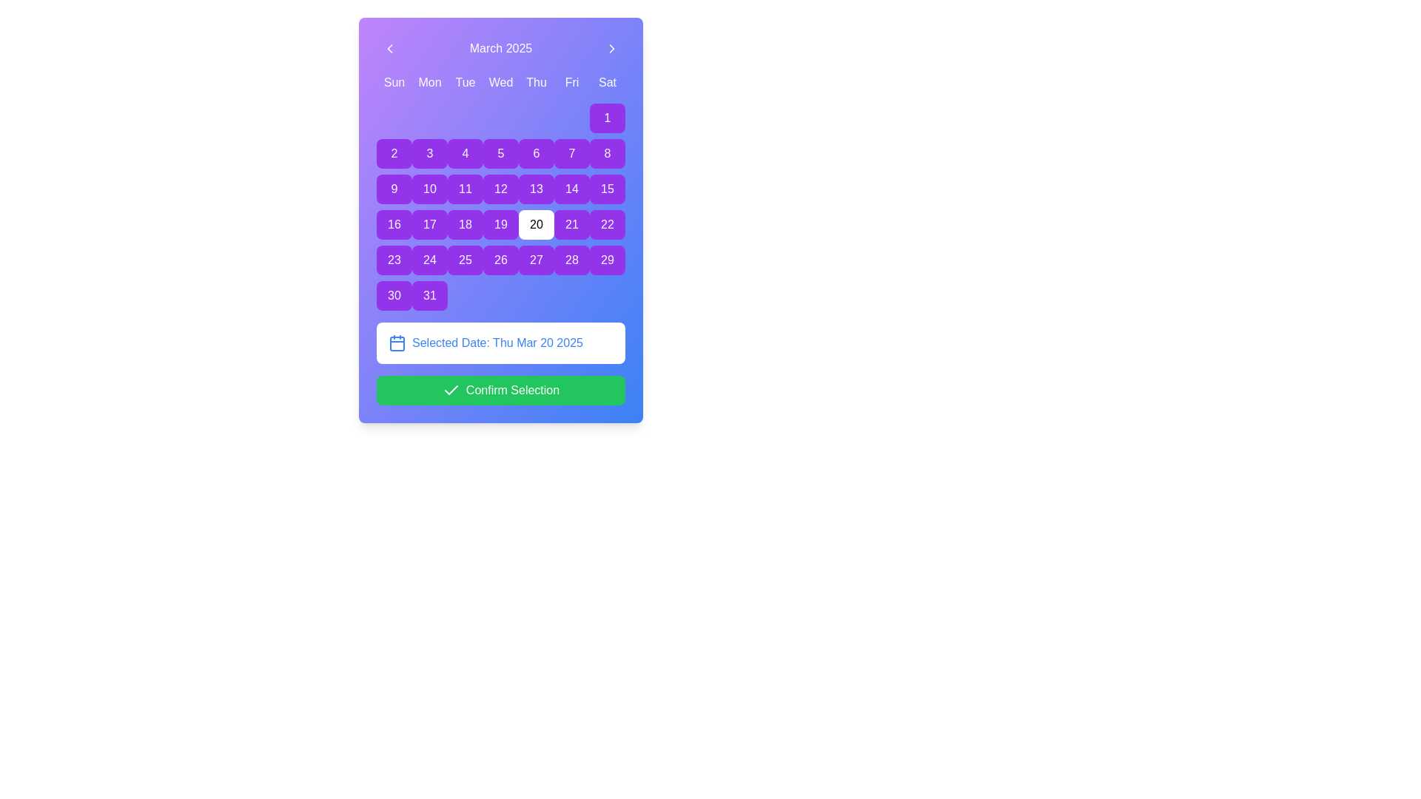 This screenshot has height=799, width=1421. What do you see at coordinates (500, 82) in the screenshot?
I see `the text label representing 'Wednesday' in the week view of the calendar, which is the fourth item in the horizontal row of days located beneath the calendar's header for March 2025` at bounding box center [500, 82].